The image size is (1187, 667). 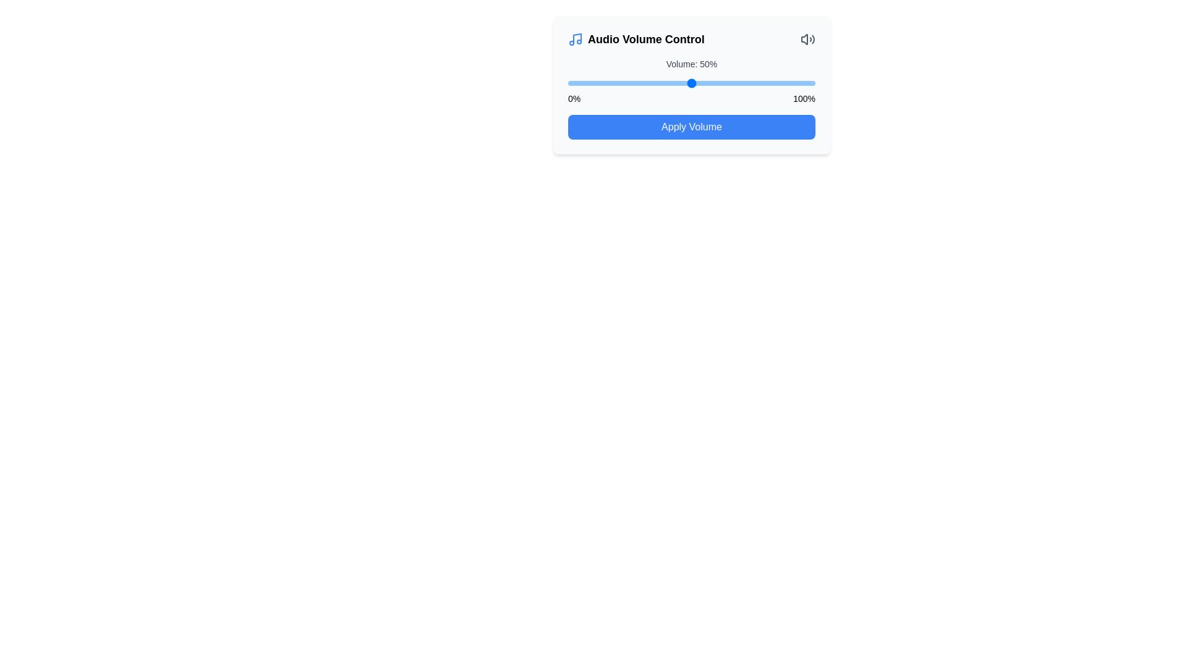 What do you see at coordinates (741, 83) in the screenshot?
I see `the volume level` at bounding box center [741, 83].